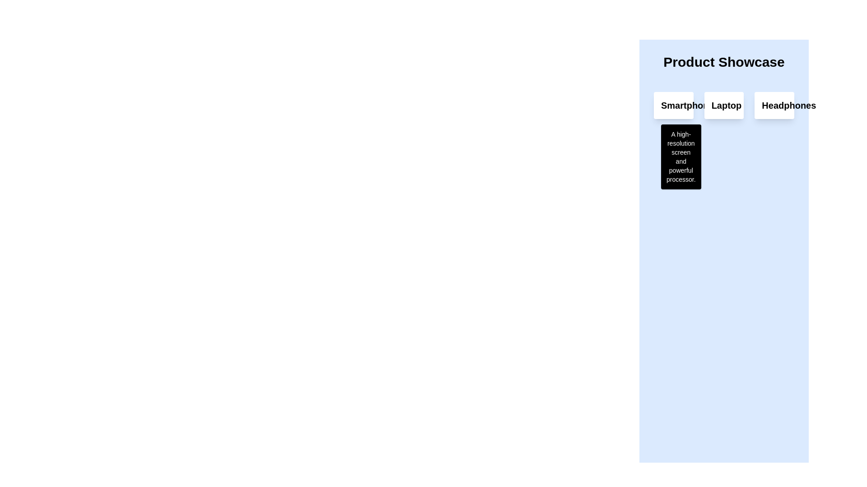  Describe the element at coordinates (724, 105) in the screenshot. I see `the 'Laptop' text label in the product showcase interface` at that location.